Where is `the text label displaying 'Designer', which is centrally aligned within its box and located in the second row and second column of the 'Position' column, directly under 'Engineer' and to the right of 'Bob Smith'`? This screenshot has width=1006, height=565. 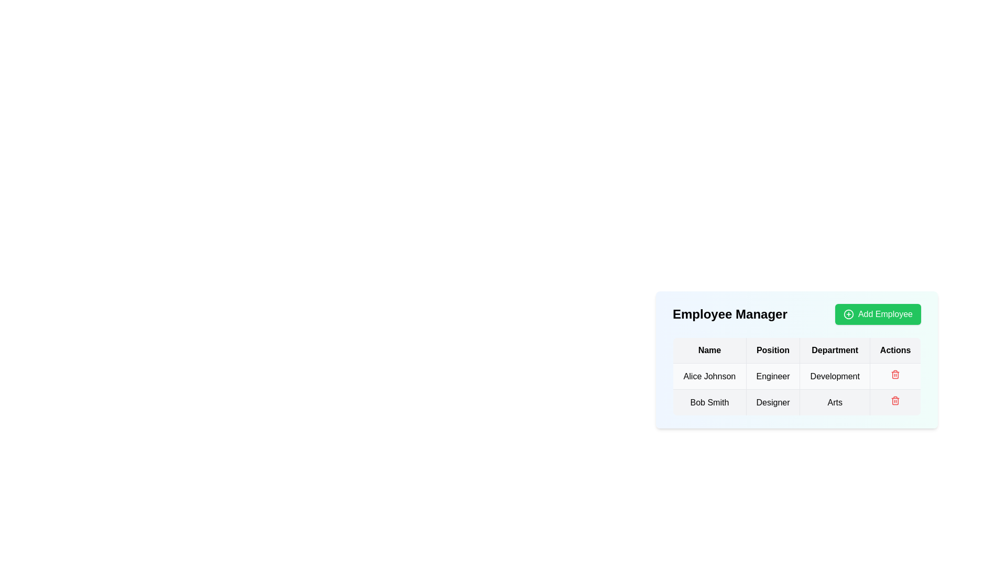 the text label displaying 'Designer', which is centrally aligned within its box and located in the second row and second column of the 'Position' column, directly under 'Engineer' and to the right of 'Bob Smith' is located at coordinates (773, 402).